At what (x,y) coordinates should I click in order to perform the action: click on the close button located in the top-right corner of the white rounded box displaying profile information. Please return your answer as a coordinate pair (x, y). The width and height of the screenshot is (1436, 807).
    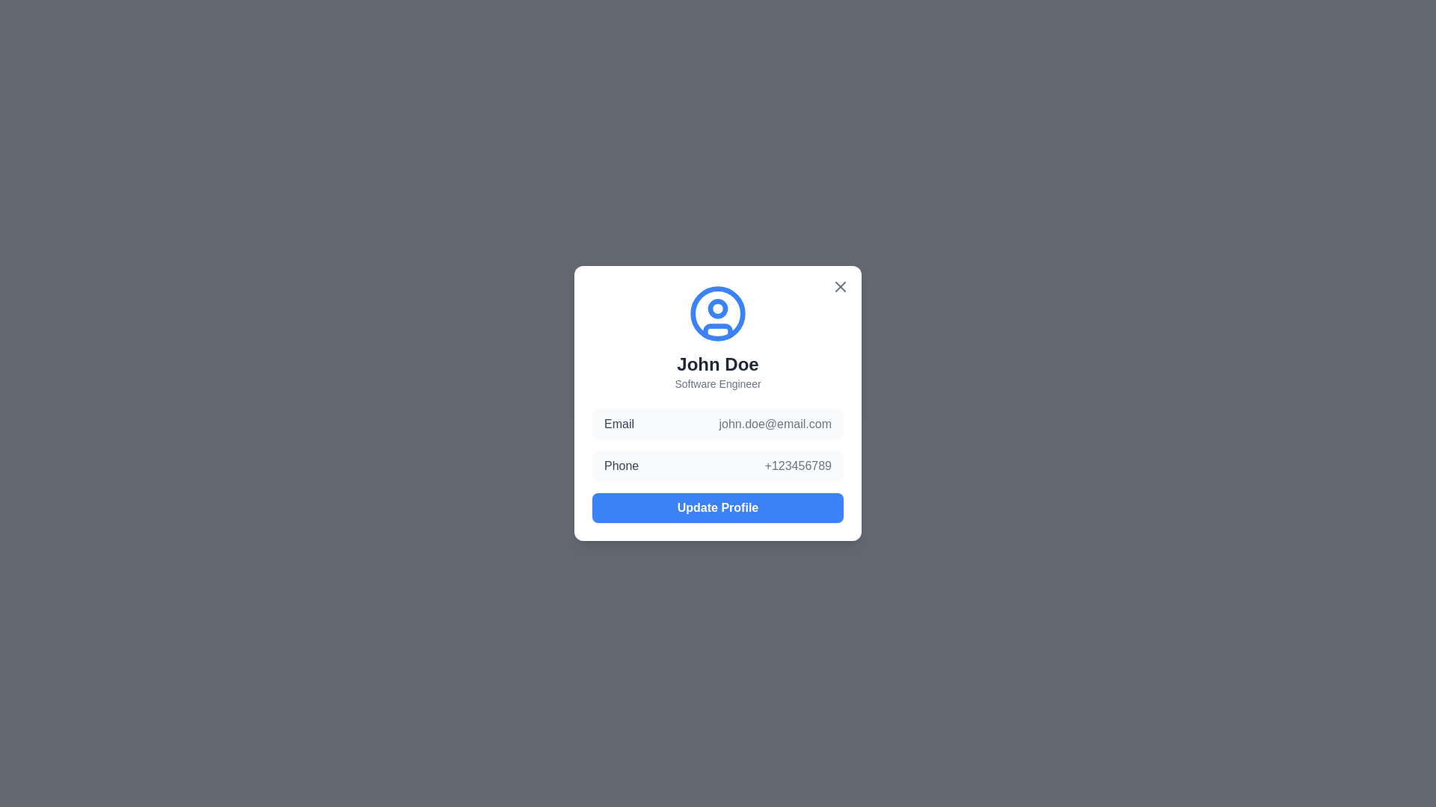
    Looking at the image, I should click on (840, 287).